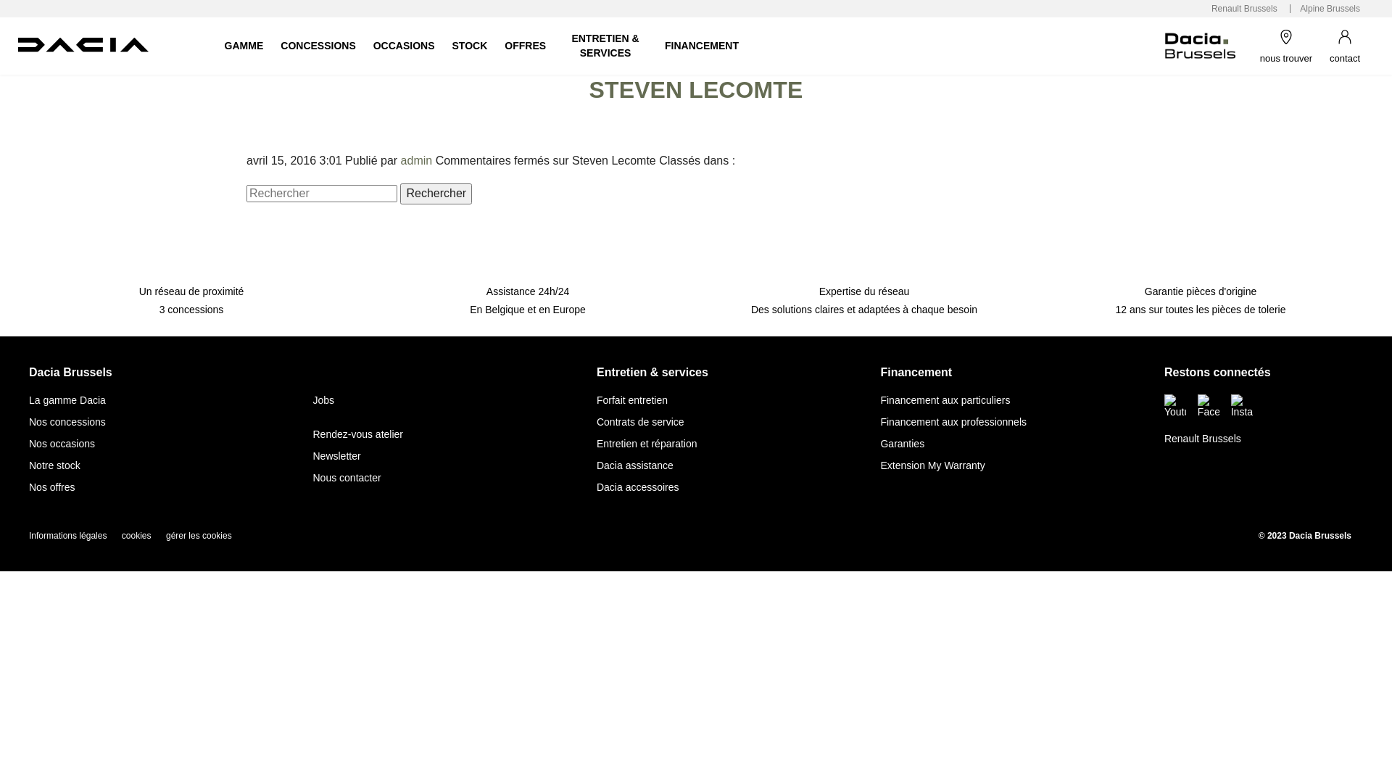 This screenshot has width=1392, height=783. I want to click on 'Dacia assistance', so click(634, 465).